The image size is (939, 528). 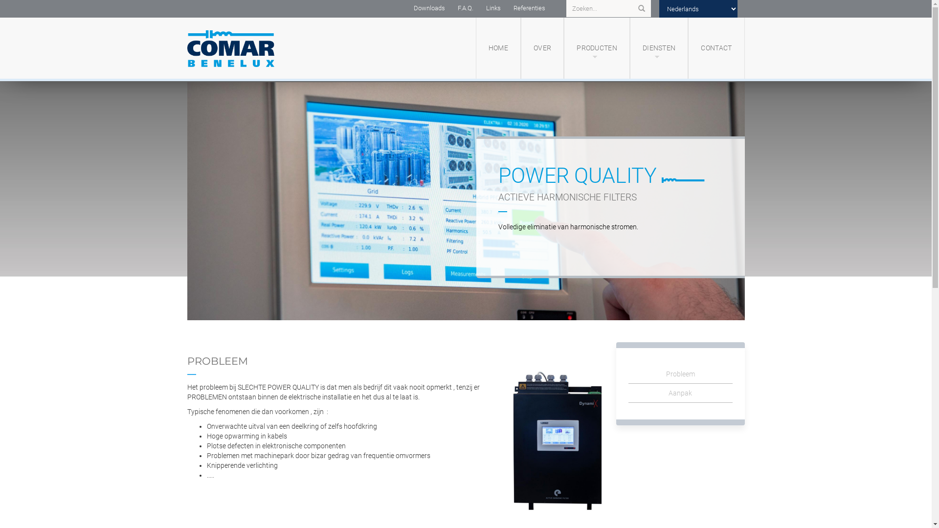 I want to click on 'Downloads', so click(x=429, y=8).